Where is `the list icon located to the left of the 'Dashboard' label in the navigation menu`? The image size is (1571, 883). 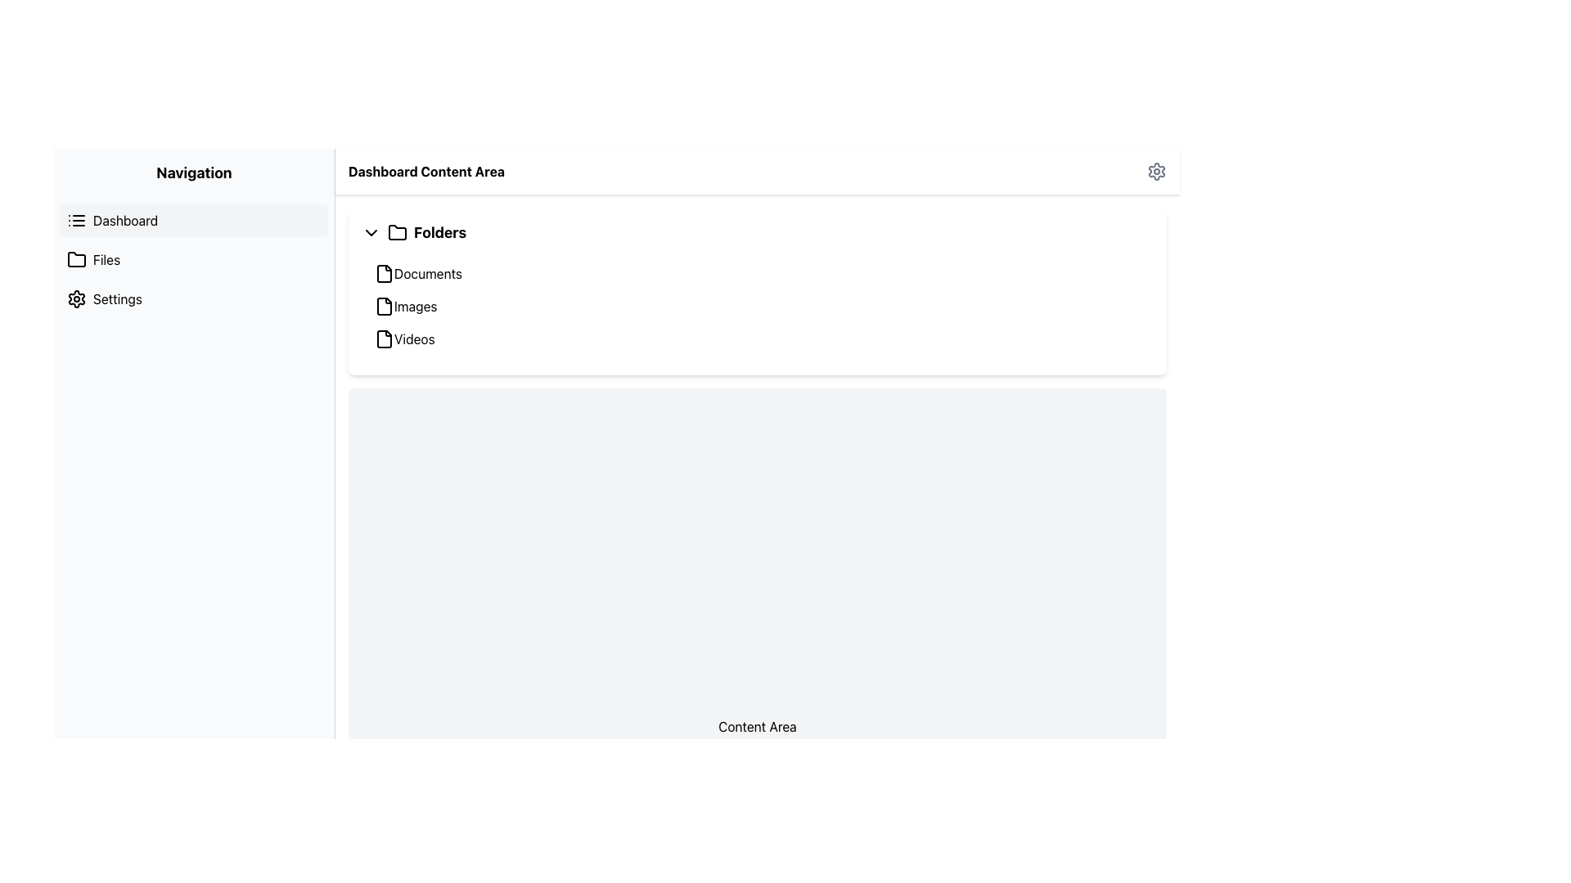
the list icon located to the left of the 'Dashboard' label in the navigation menu is located at coordinates (76, 221).